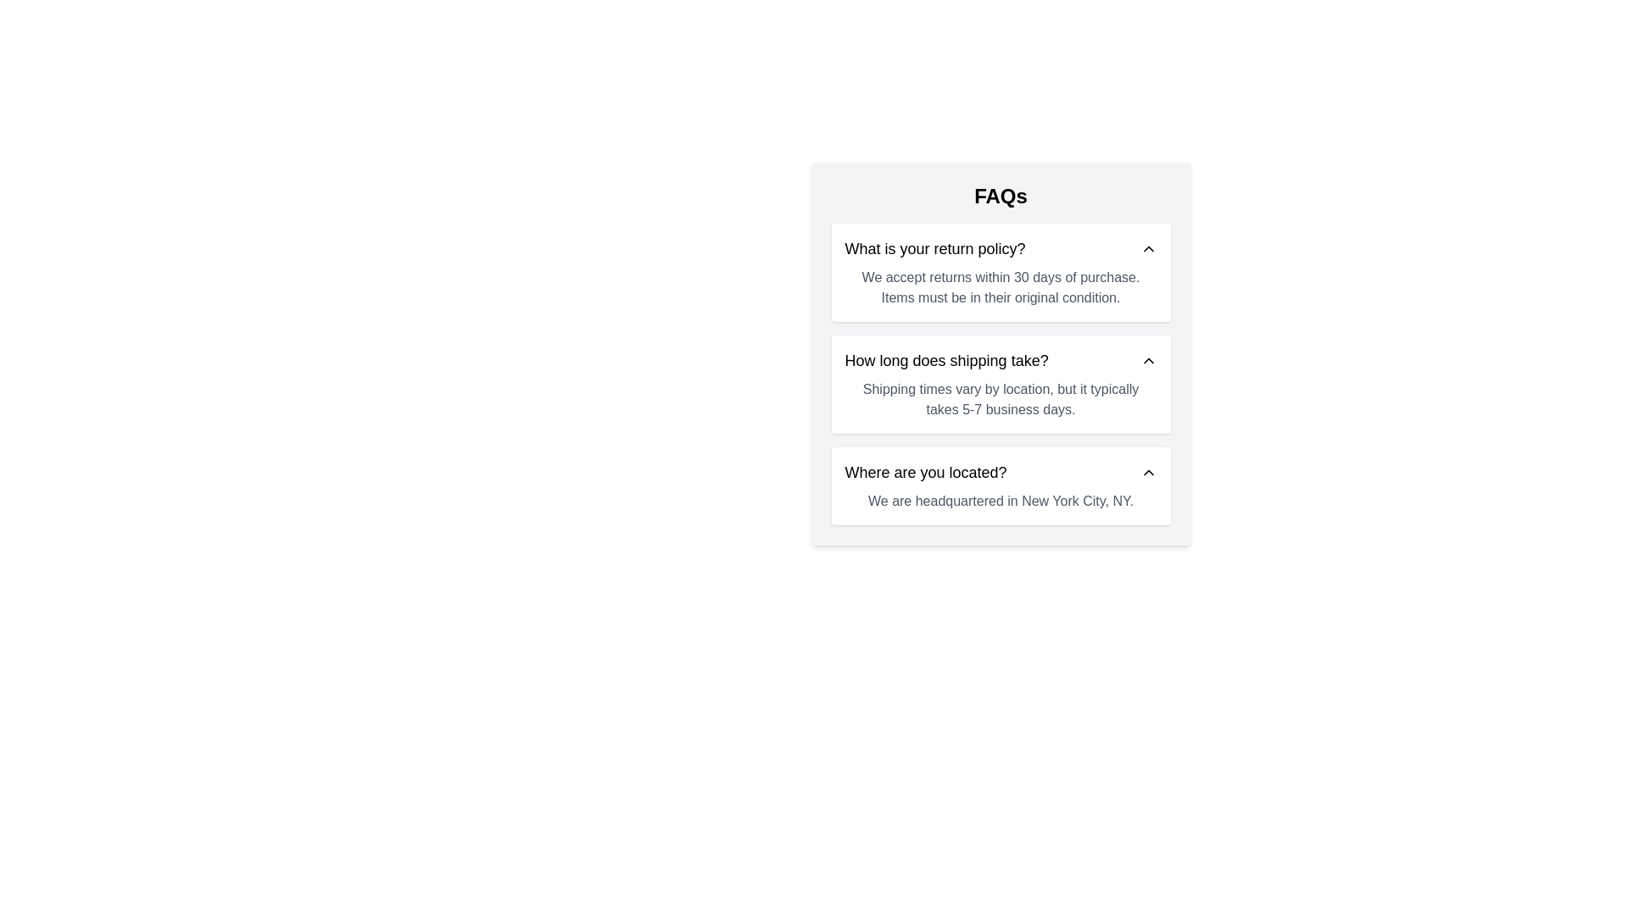 This screenshot has width=1628, height=915. What do you see at coordinates (1001, 359) in the screenshot?
I see `the FAQ question 'How long does shipping take?'` at bounding box center [1001, 359].